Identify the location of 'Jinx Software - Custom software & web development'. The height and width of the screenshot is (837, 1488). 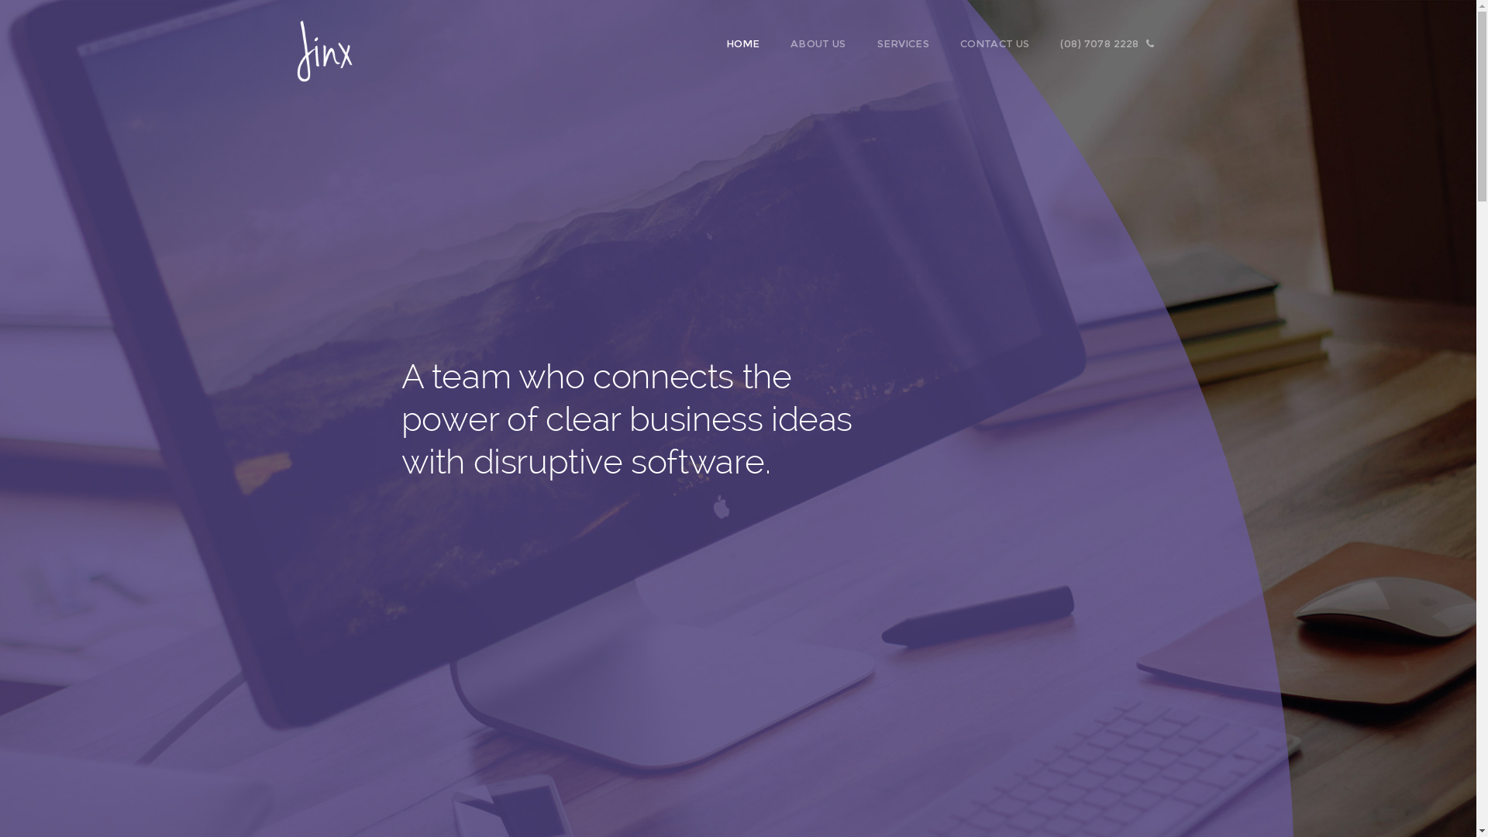
(322, 41).